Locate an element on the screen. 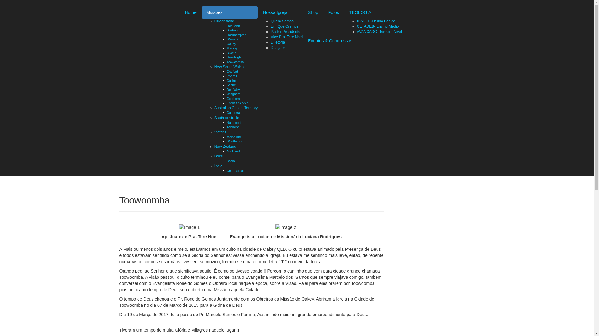 Image resolution: width=599 pixels, height=336 pixels. 'New Zealand' is located at coordinates (214, 146).